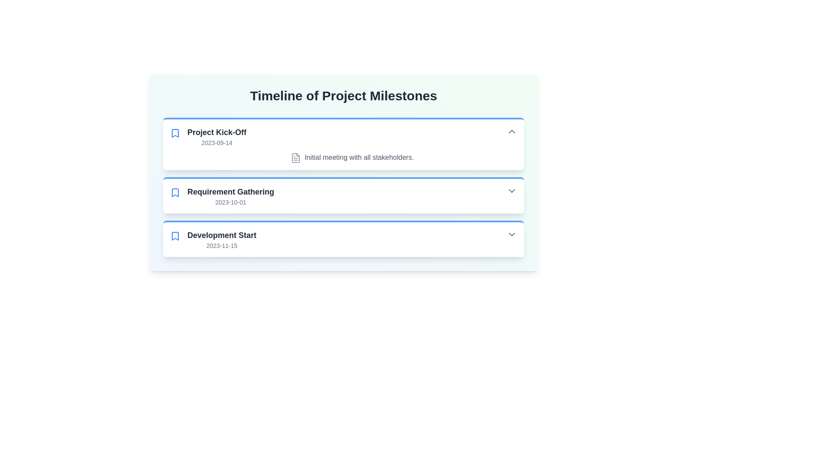 This screenshot has width=833, height=469. I want to click on the document icon located within the 'Project Kick-Off' milestone card, which is associated with the 'Initial meeting with all stakeholders' description, so click(296, 158).